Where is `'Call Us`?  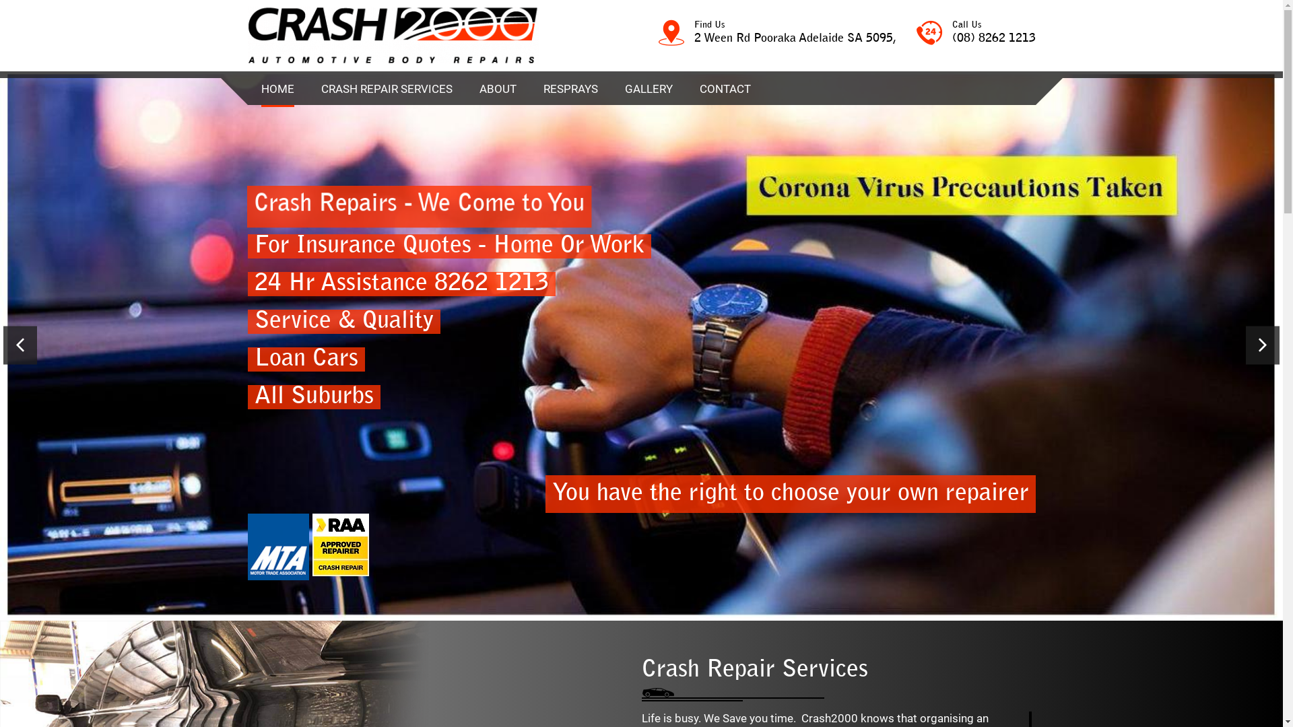 'Call Us is located at coordinates (915, 33).